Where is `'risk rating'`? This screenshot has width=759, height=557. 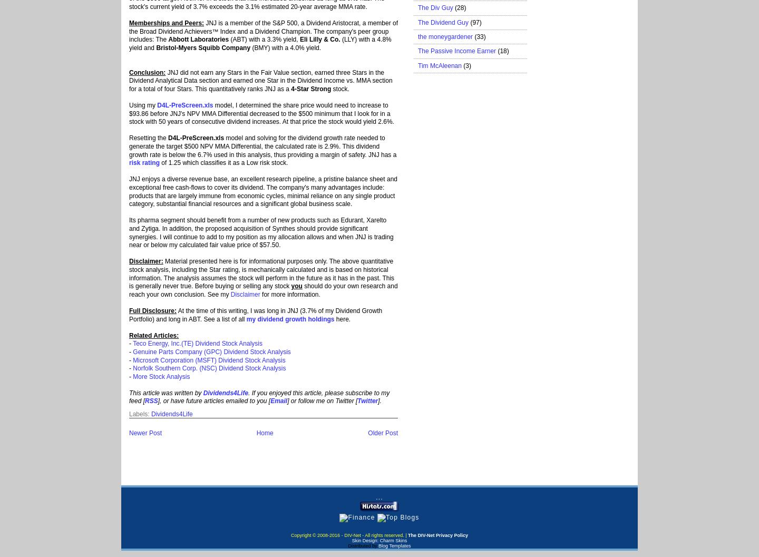
'risk rating' is located at coordinates (144, 162).